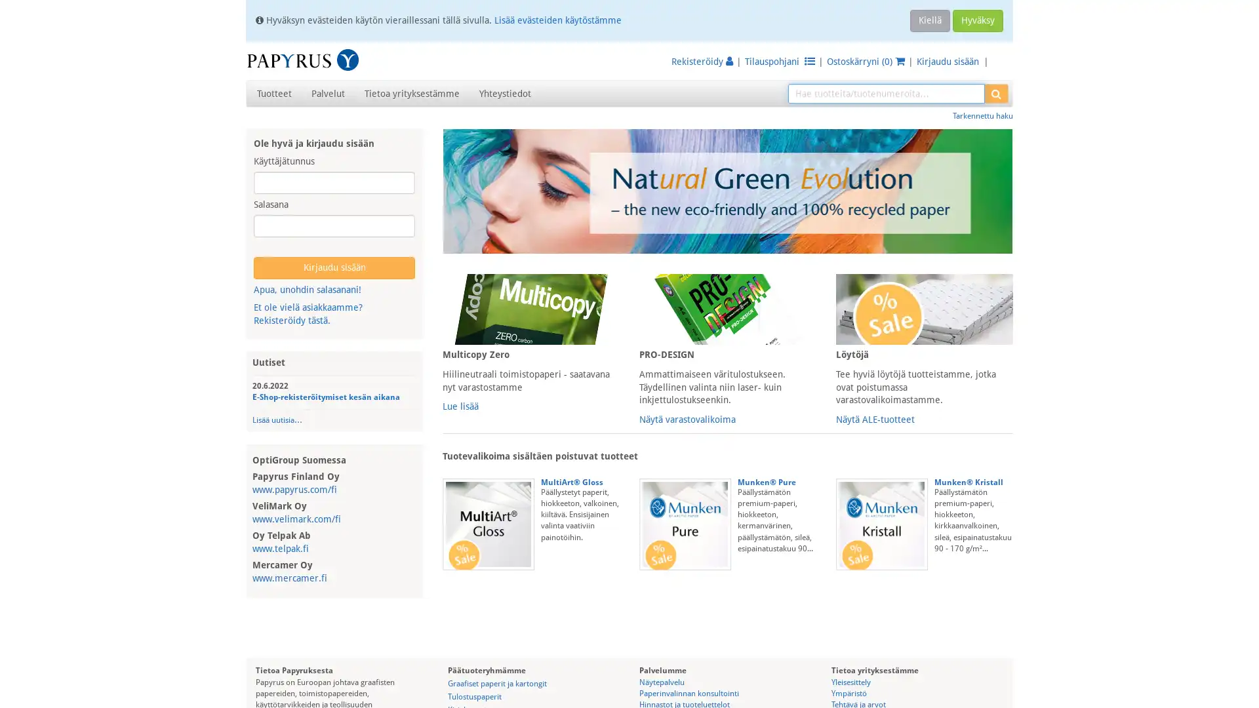 The height and width of the screenshot is (708, 1259). What do you see at coordinates (978, 20) in the screenshot?
I see `Hyvaksy` at bounding box center [978, 20].